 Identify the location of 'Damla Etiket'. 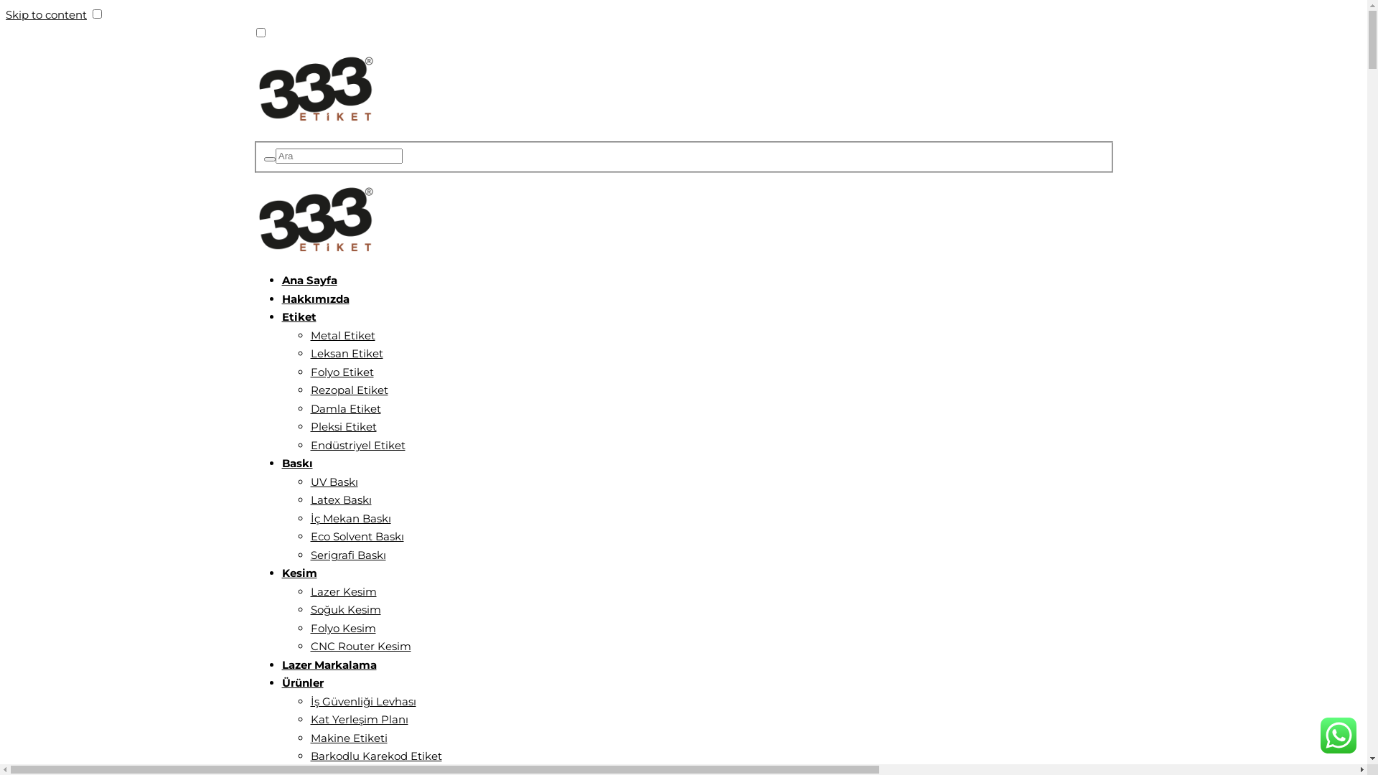
(344, 408).